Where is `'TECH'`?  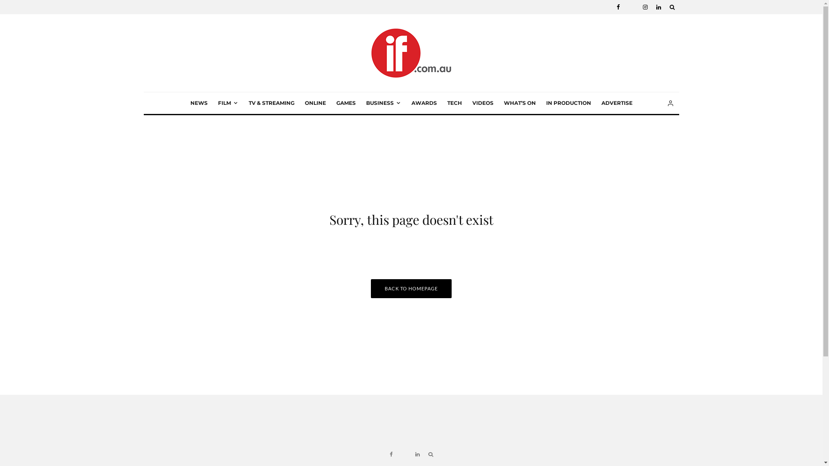 'TECH' is located at coordinates (442, 103).